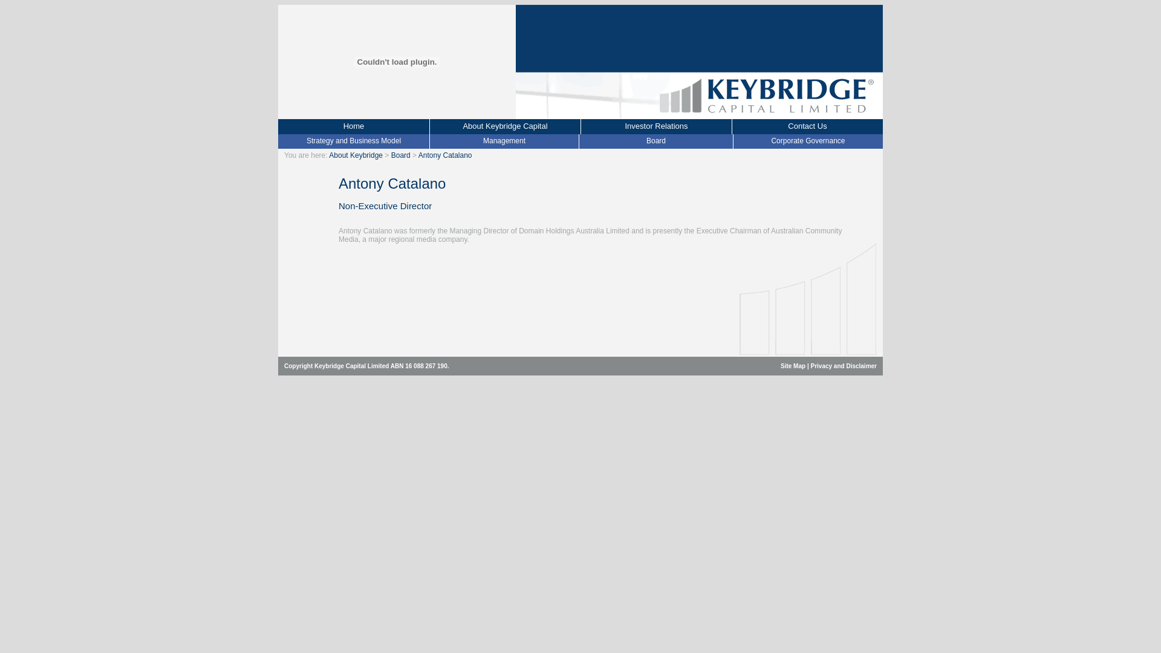 This screenshot has height=653, width=1161. I want to click on 'About Keybridge', so click(355, 155).